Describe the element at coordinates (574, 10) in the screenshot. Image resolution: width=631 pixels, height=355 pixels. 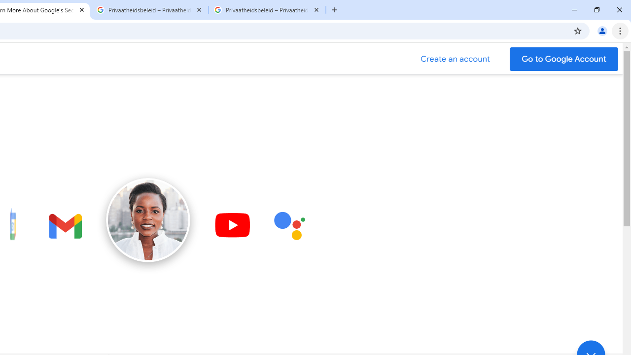
I see `'Minimize'` at that location.